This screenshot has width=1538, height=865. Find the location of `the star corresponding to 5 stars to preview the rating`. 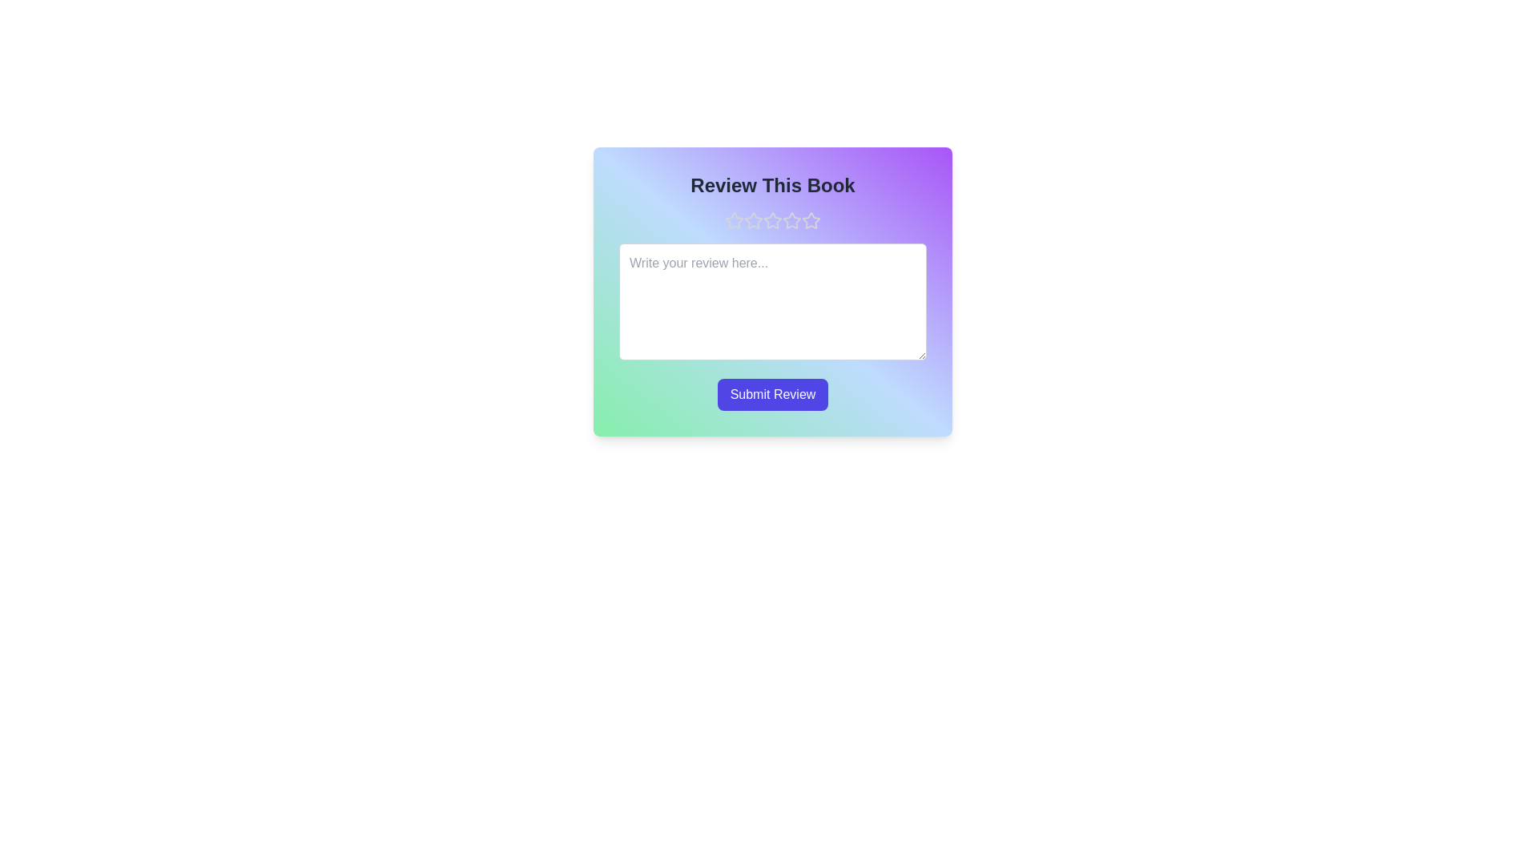

the star corresponding to 5 stars to preview the rating is located at coordinates (811, 221).